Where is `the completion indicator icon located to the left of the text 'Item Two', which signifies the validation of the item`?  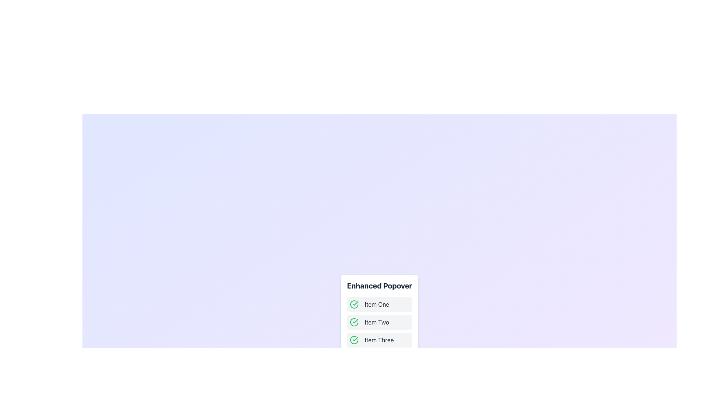
the completion indicator icon located to the left of the text 'Item Two', which signifies the validation of the item is located at coordinates (354, 322).